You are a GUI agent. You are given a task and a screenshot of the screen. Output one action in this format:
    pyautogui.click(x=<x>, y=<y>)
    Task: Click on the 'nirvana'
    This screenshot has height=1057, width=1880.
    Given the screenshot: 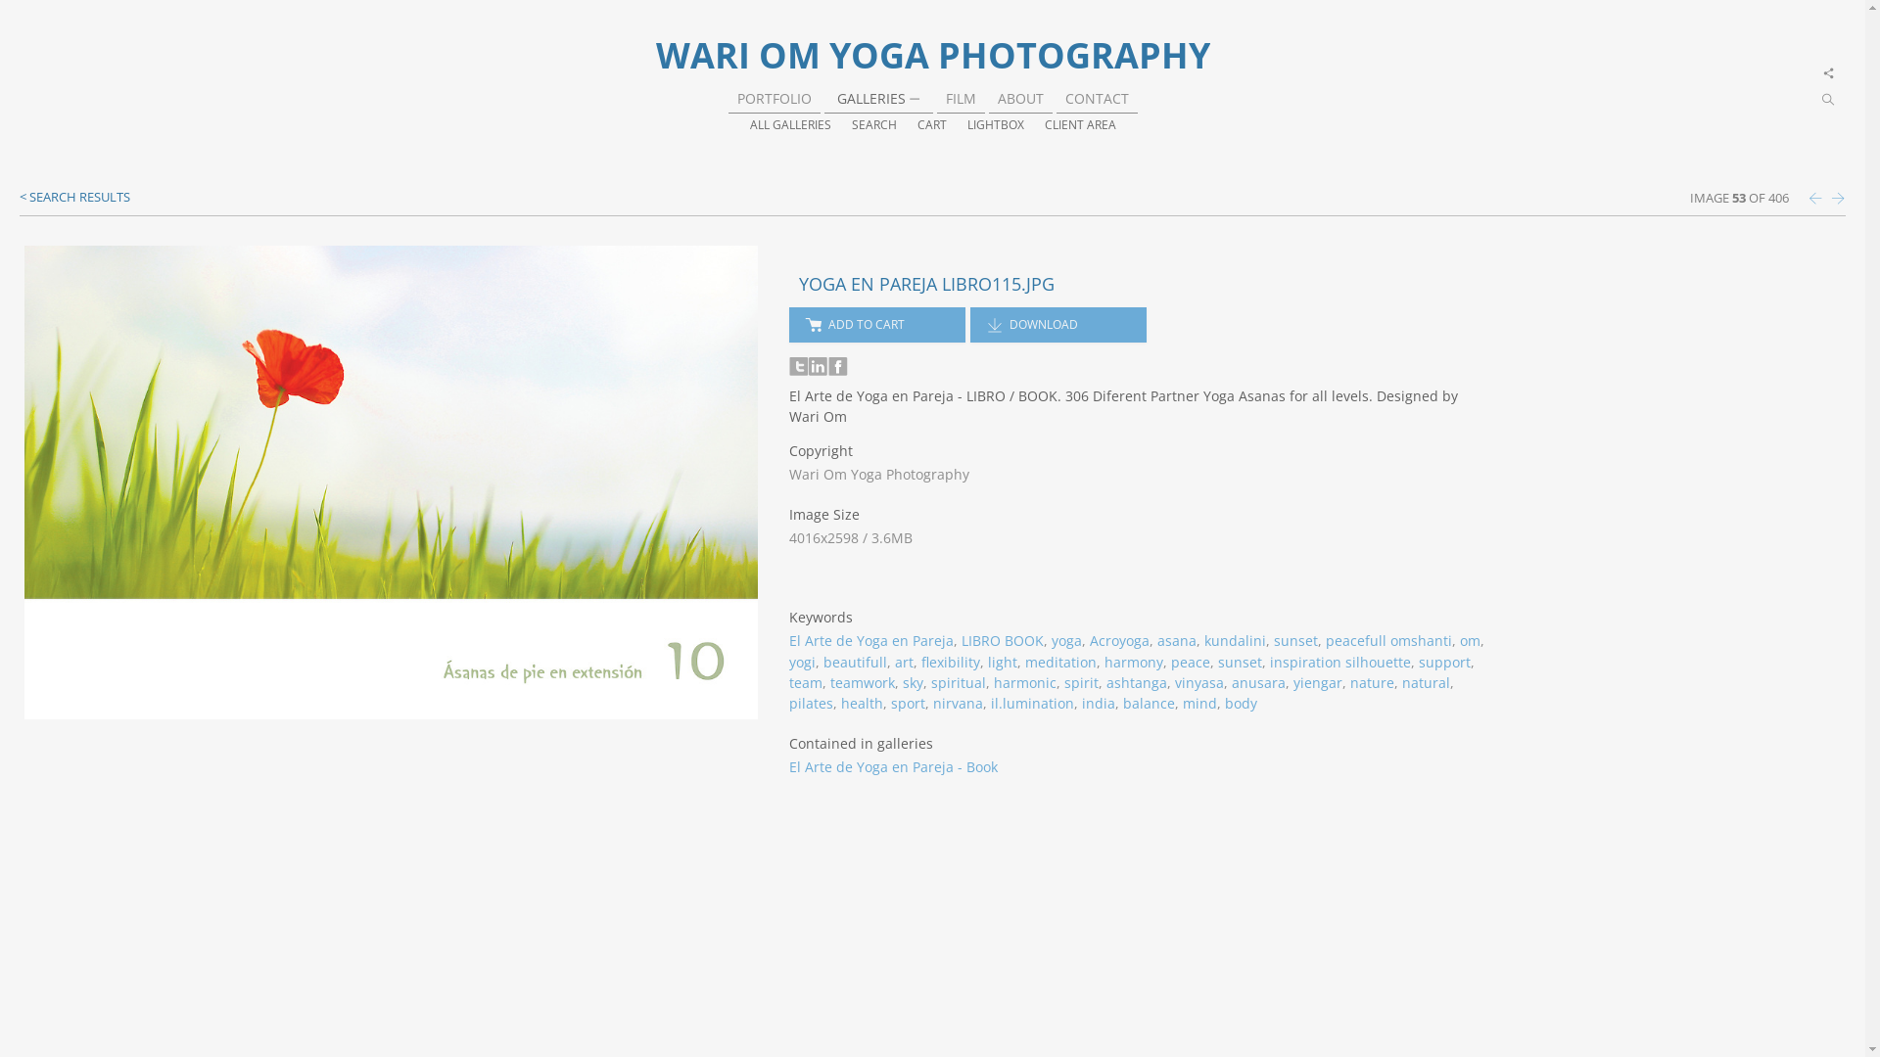 What is the action you would take?
    pyautogui.click(x=958, y=702)
    